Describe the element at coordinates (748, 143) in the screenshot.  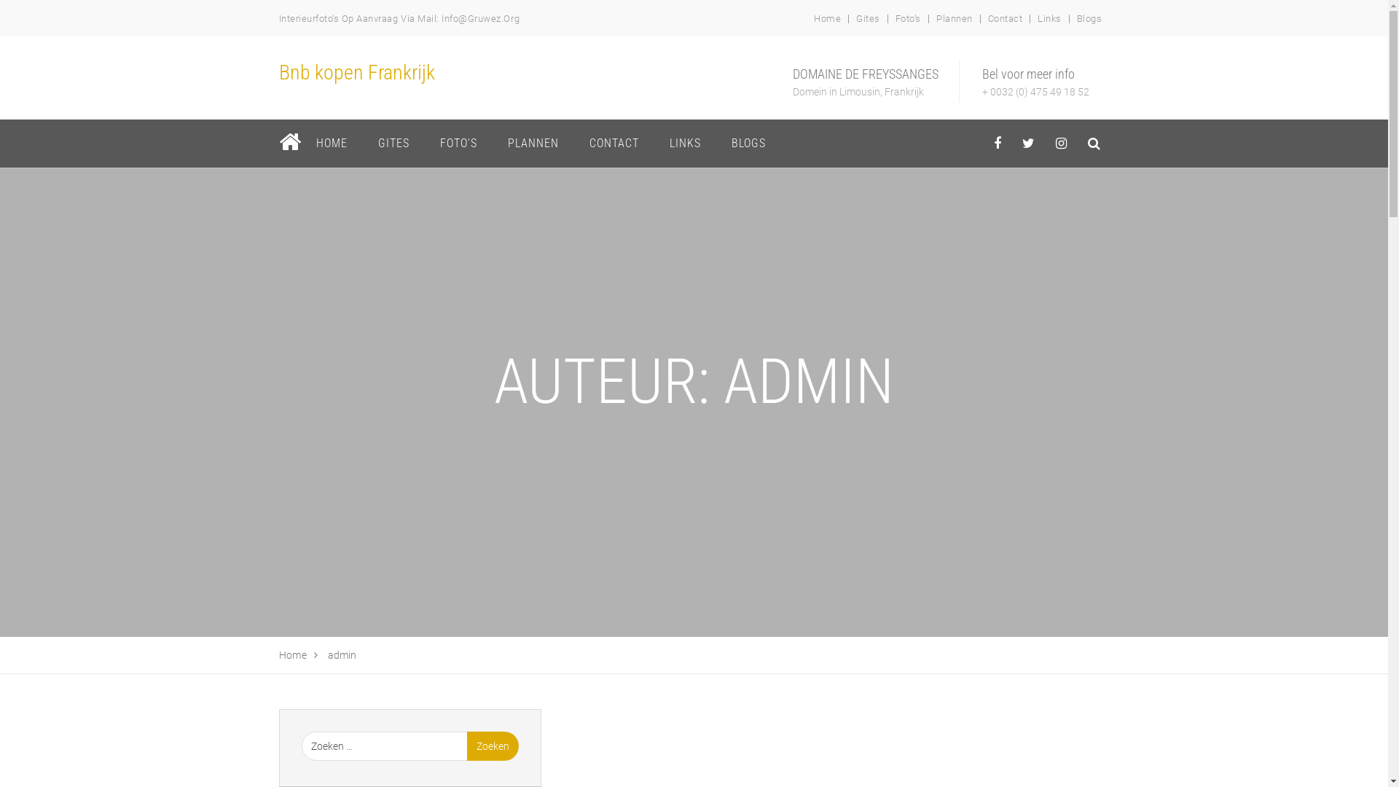
I see `'BLOGS'` at that location.